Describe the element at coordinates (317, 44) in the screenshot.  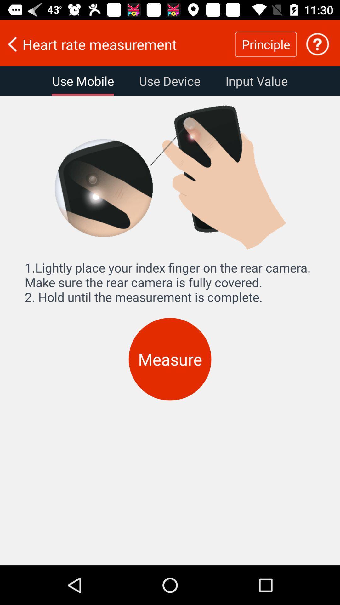
I see `help` at that location.